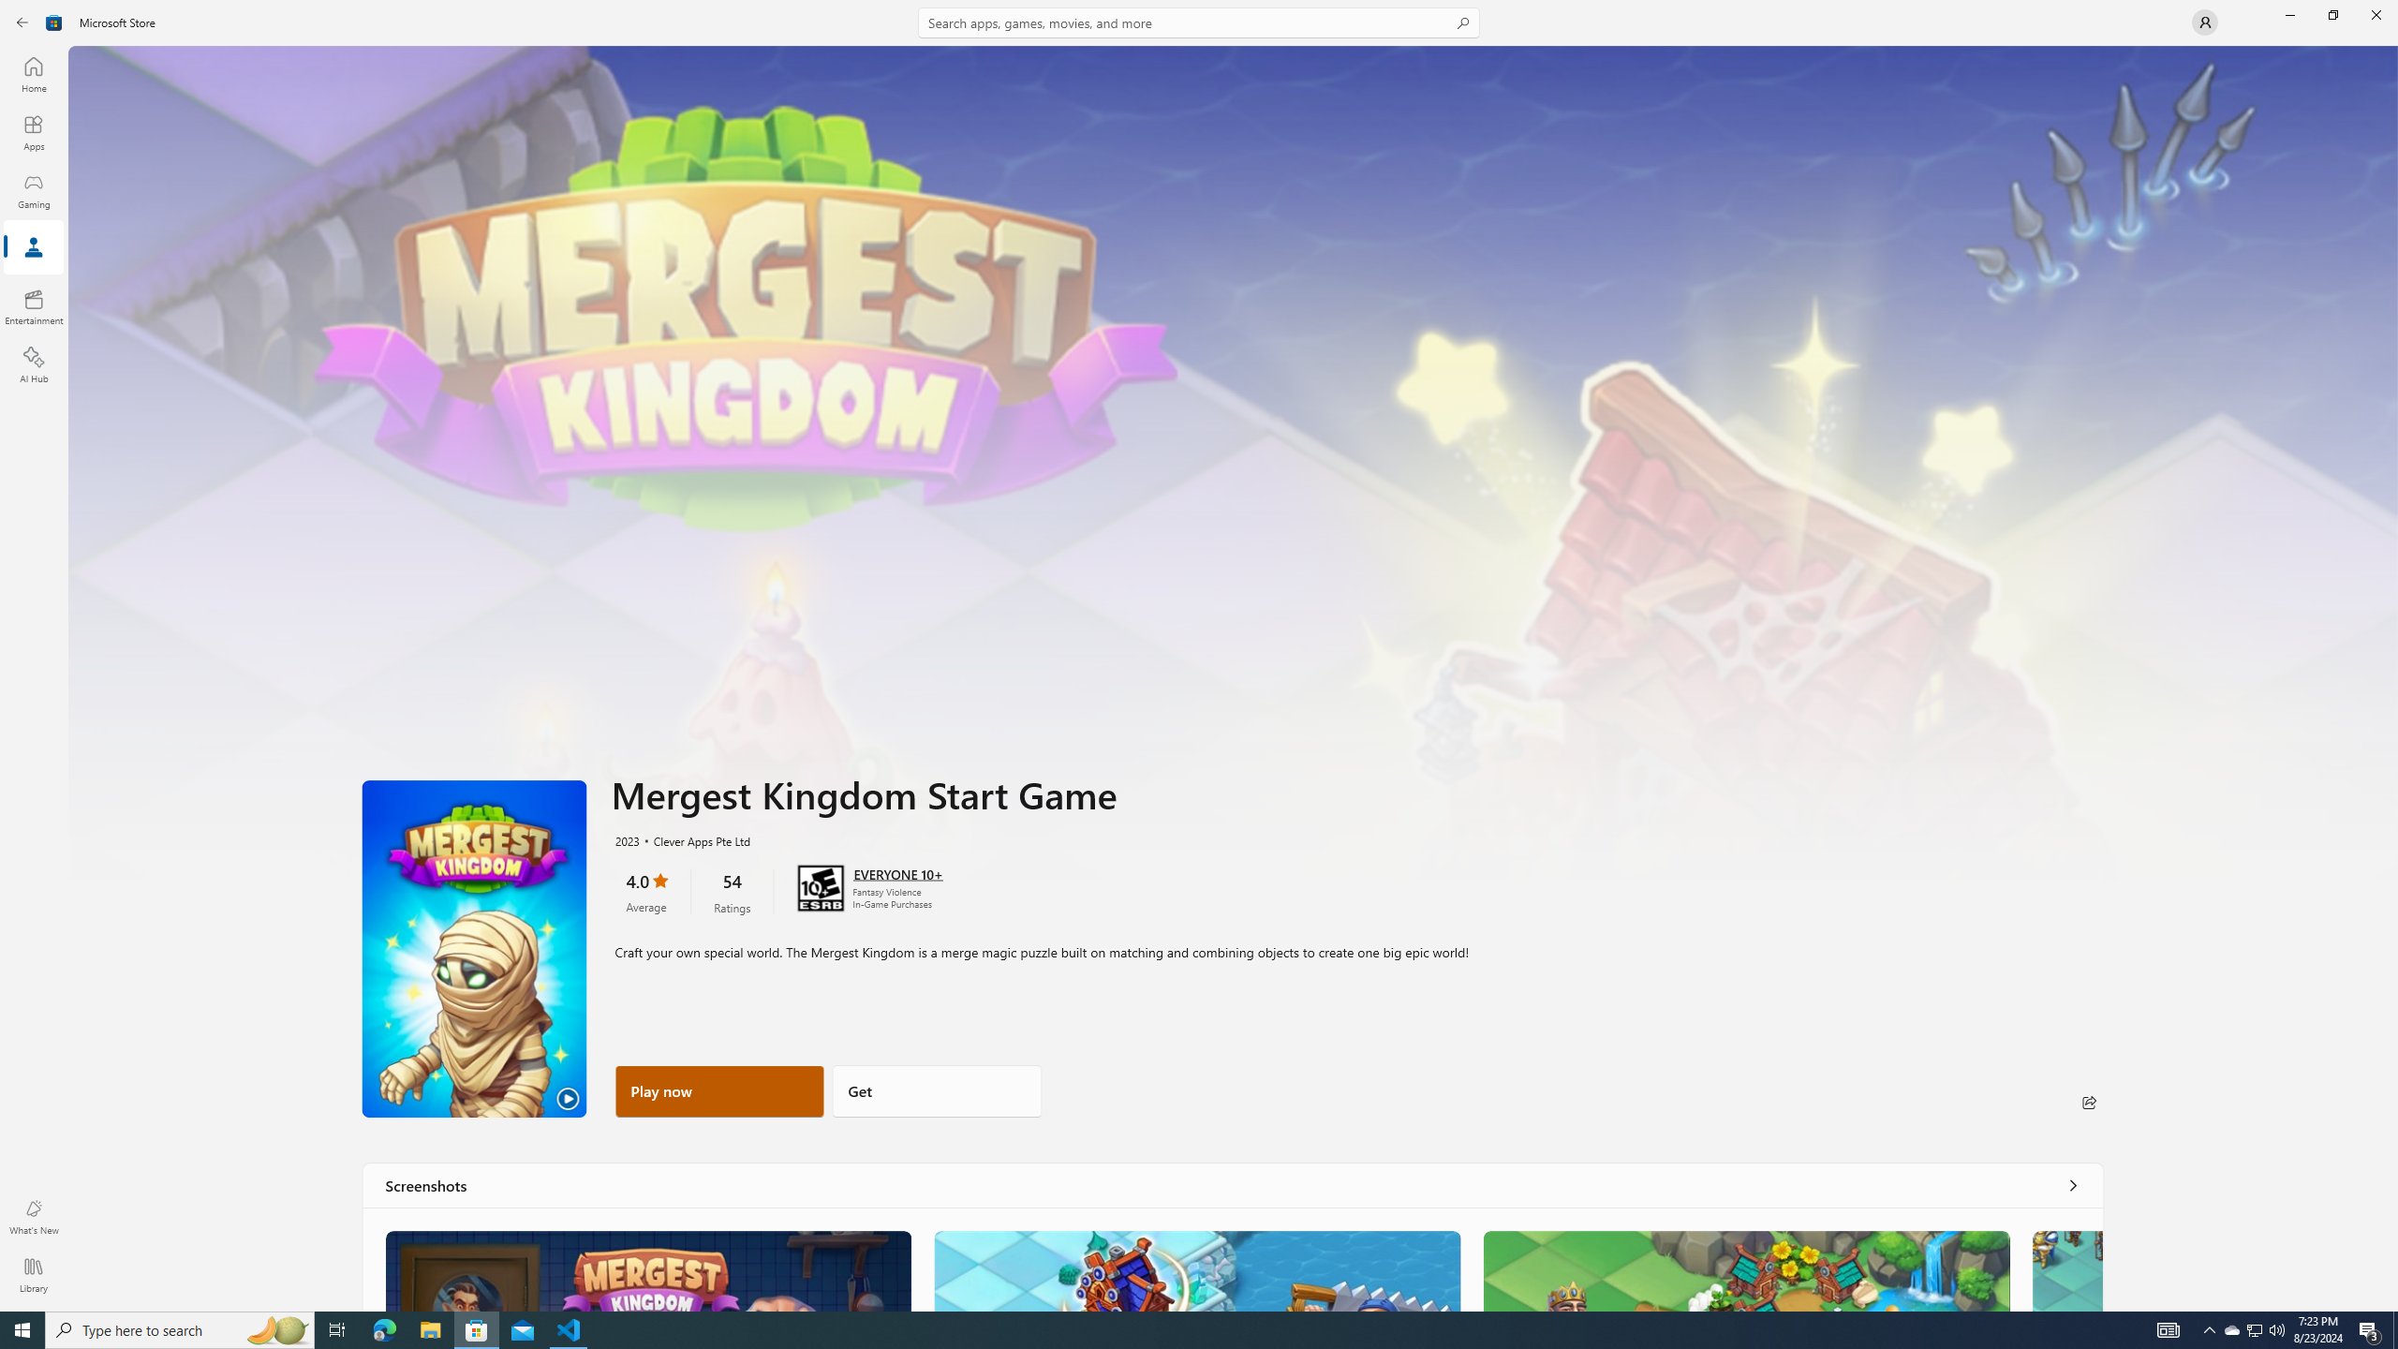  Describe the element at coordinates (2332, 14) in the screenshot. I see `'Restore Microsoft Store'` at that location.